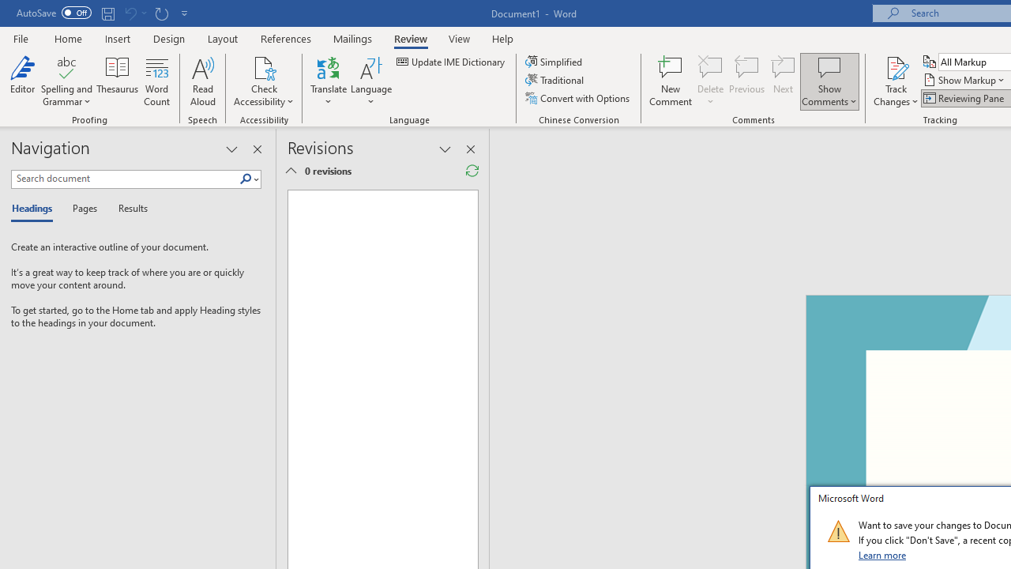 This screenshot has width=1011, height=569. I want to click on 'Show Detailed Summary', so click(291, 171).